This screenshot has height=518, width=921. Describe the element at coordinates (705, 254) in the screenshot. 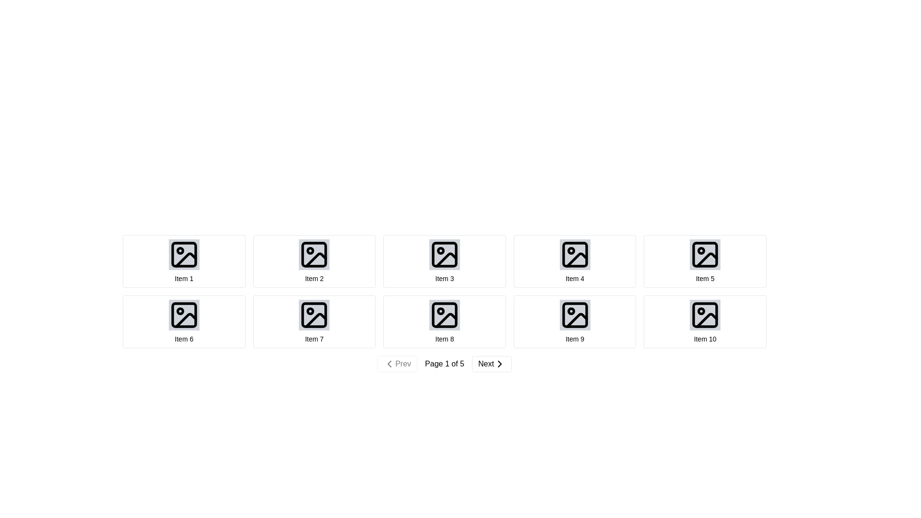

I see `the rounded rectangle shape in the SVG graphic that represents 'Item 5' in the grid layout, located in the top-right quadrant` at that location.